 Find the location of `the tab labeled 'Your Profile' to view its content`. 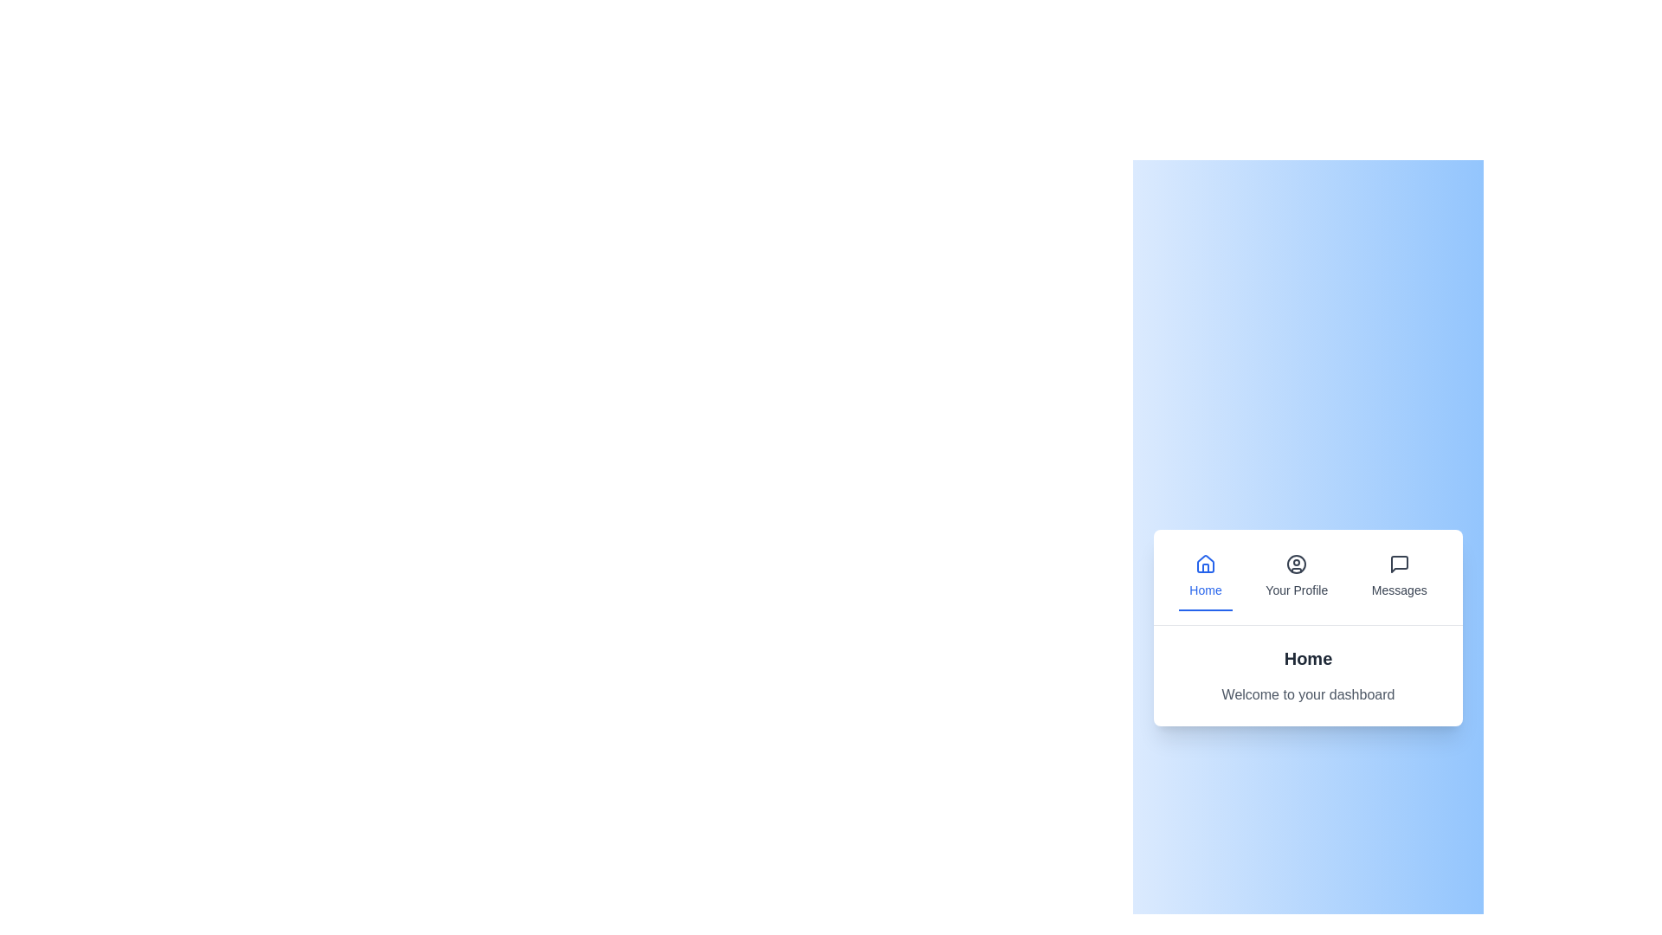

the tab labeled 'Your Profile' to view its content is located at coordinates (1296, 577).